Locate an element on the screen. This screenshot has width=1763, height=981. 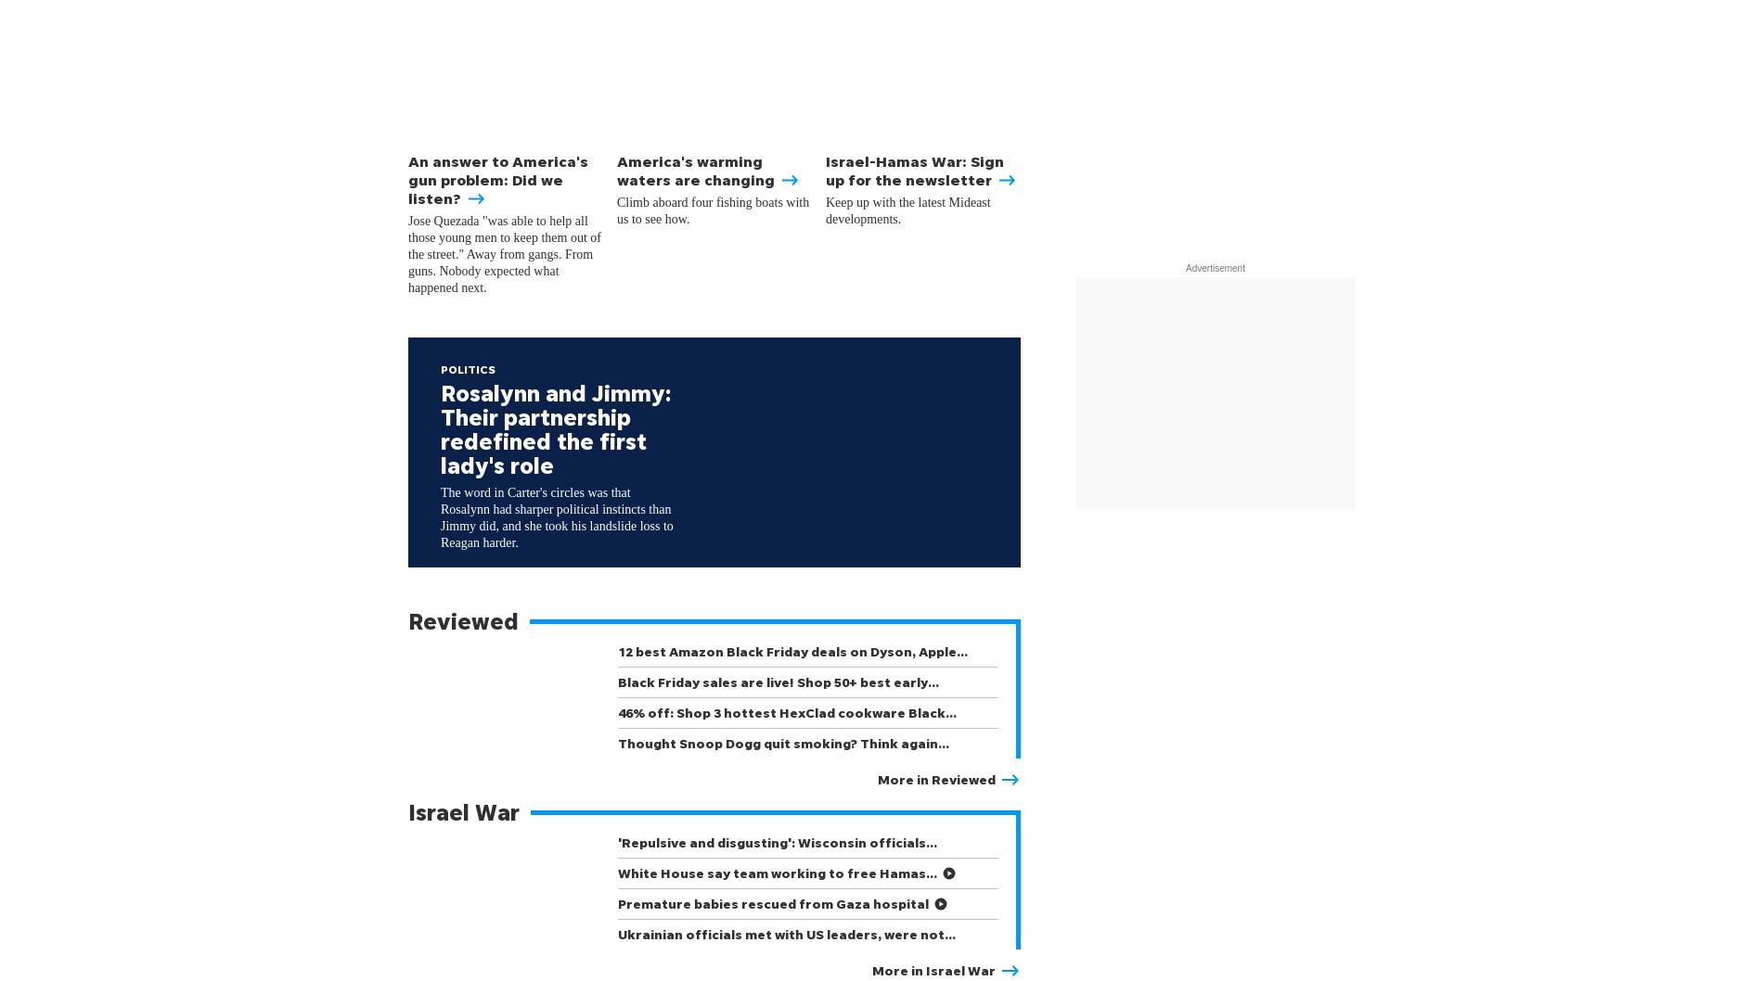
''Repulsive and disgusting': Wisconsin officials…' is located at coordinates (777, 842).